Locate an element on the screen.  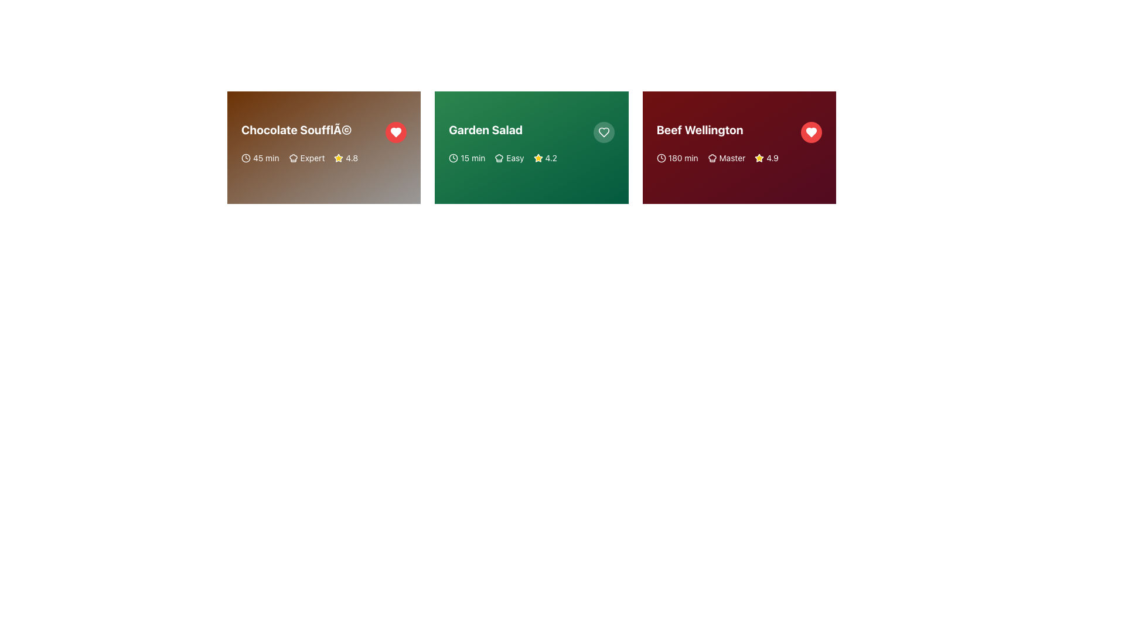
the circular thumbs-up button with a semi-transparent white background to like is located at coordinates (458, 181).